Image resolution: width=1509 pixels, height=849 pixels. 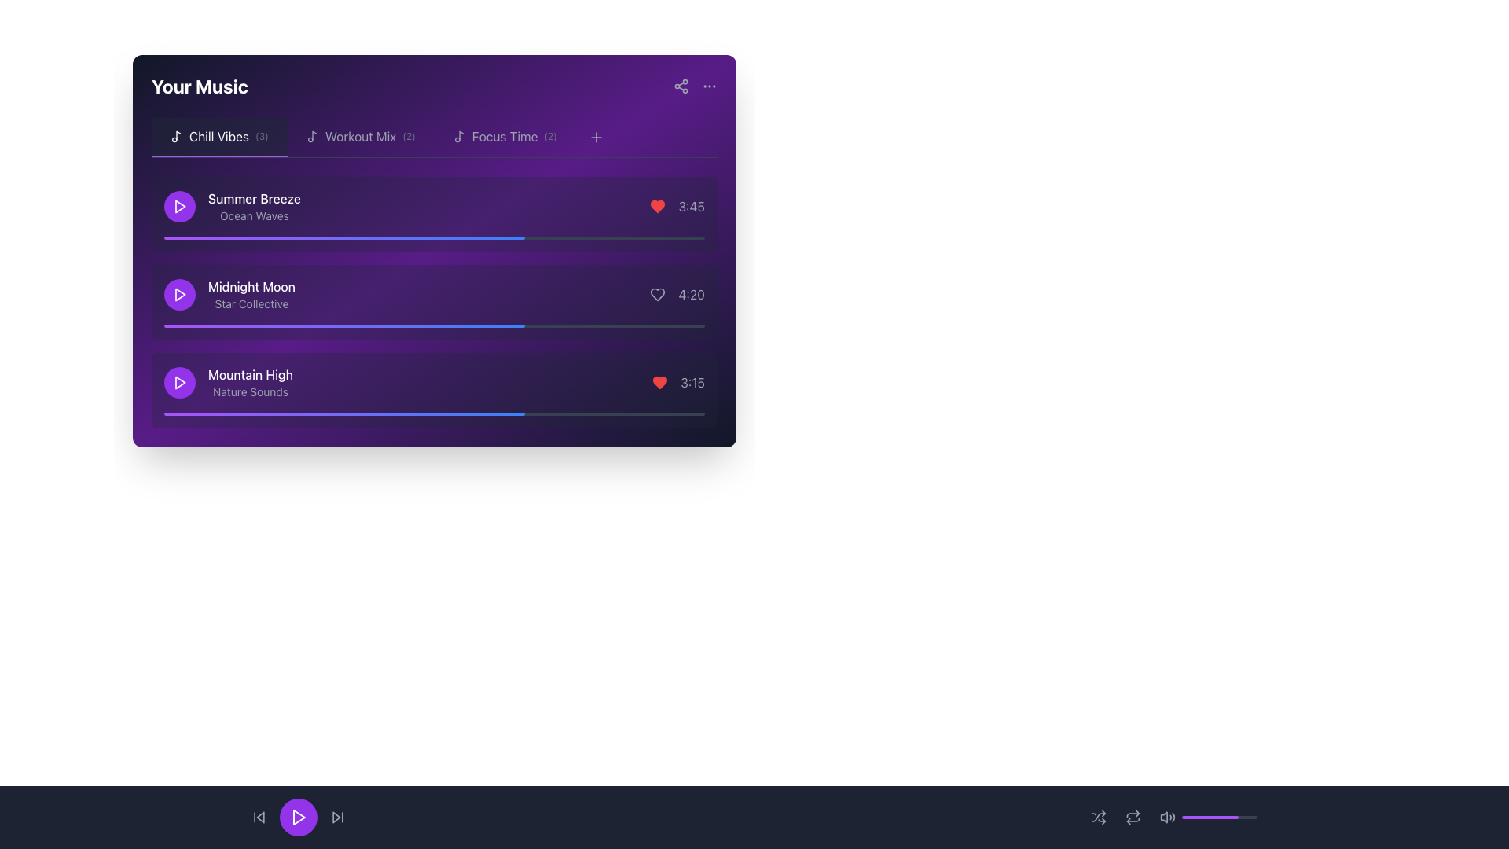 I want to click on the Progress Bar representing the playback of 'Midnight Moon' by 'Star Collective', located in the center of the second track row, so click(x=434, y=250).